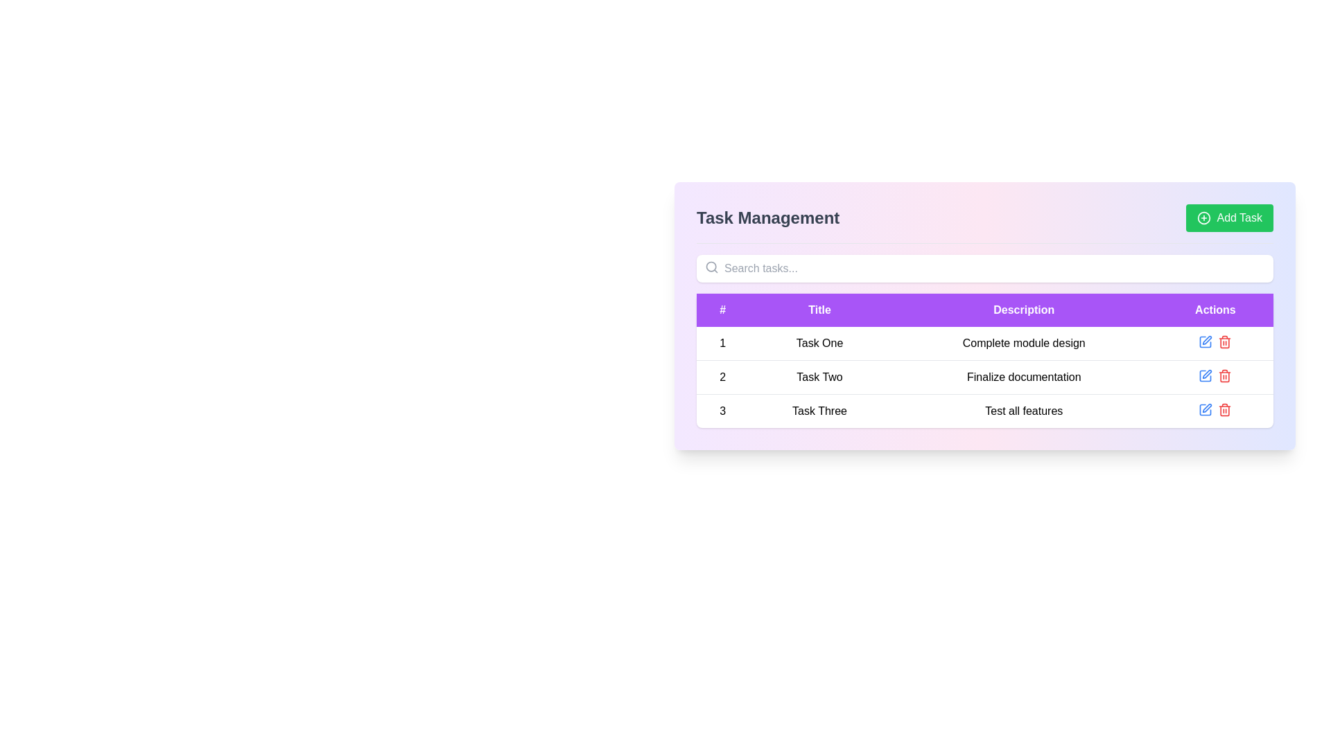 This screenshot has width=1331, height=748. What do you see at coordinates (1203, 218) in the screenshot?
I see `the circular plus icon inside the 'Add Task' button, located on the top-right corner of the interface` at bounding box center [1203, 218].